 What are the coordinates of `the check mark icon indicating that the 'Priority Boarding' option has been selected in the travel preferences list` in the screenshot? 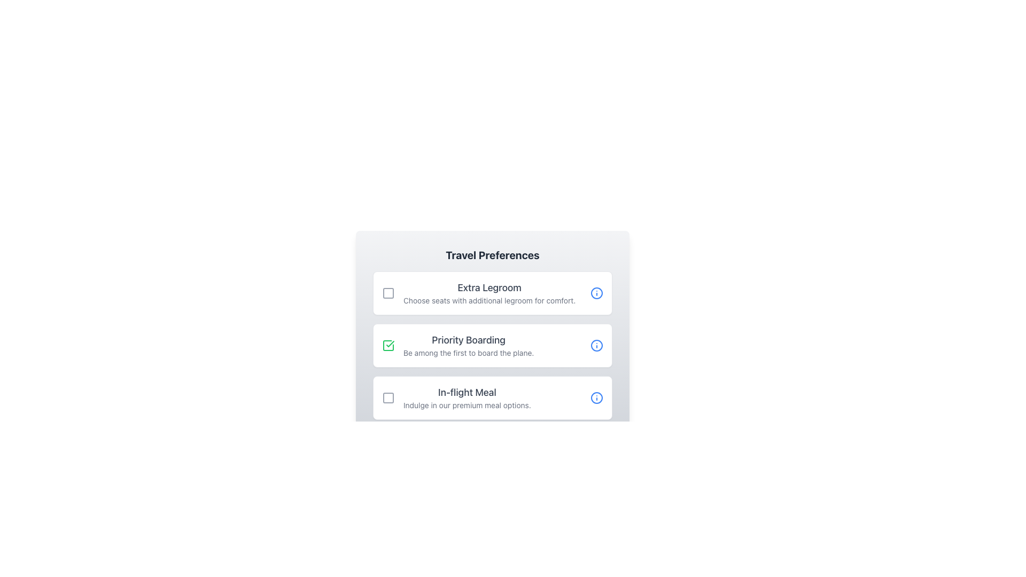 It's located at (390, 344).